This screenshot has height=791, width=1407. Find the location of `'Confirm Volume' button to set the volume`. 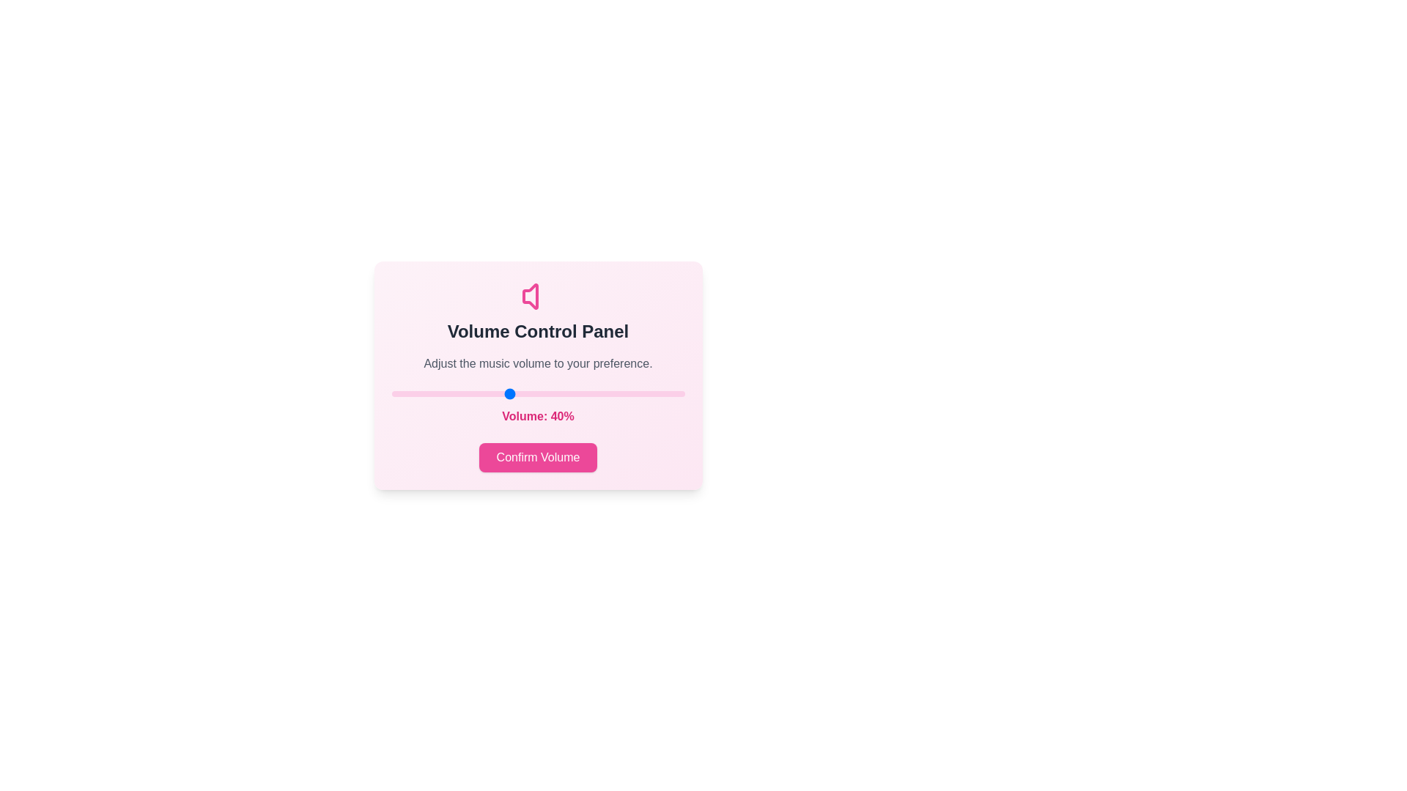

'Confirm Volume' button to set the volume is located at coordinates (537, 456).